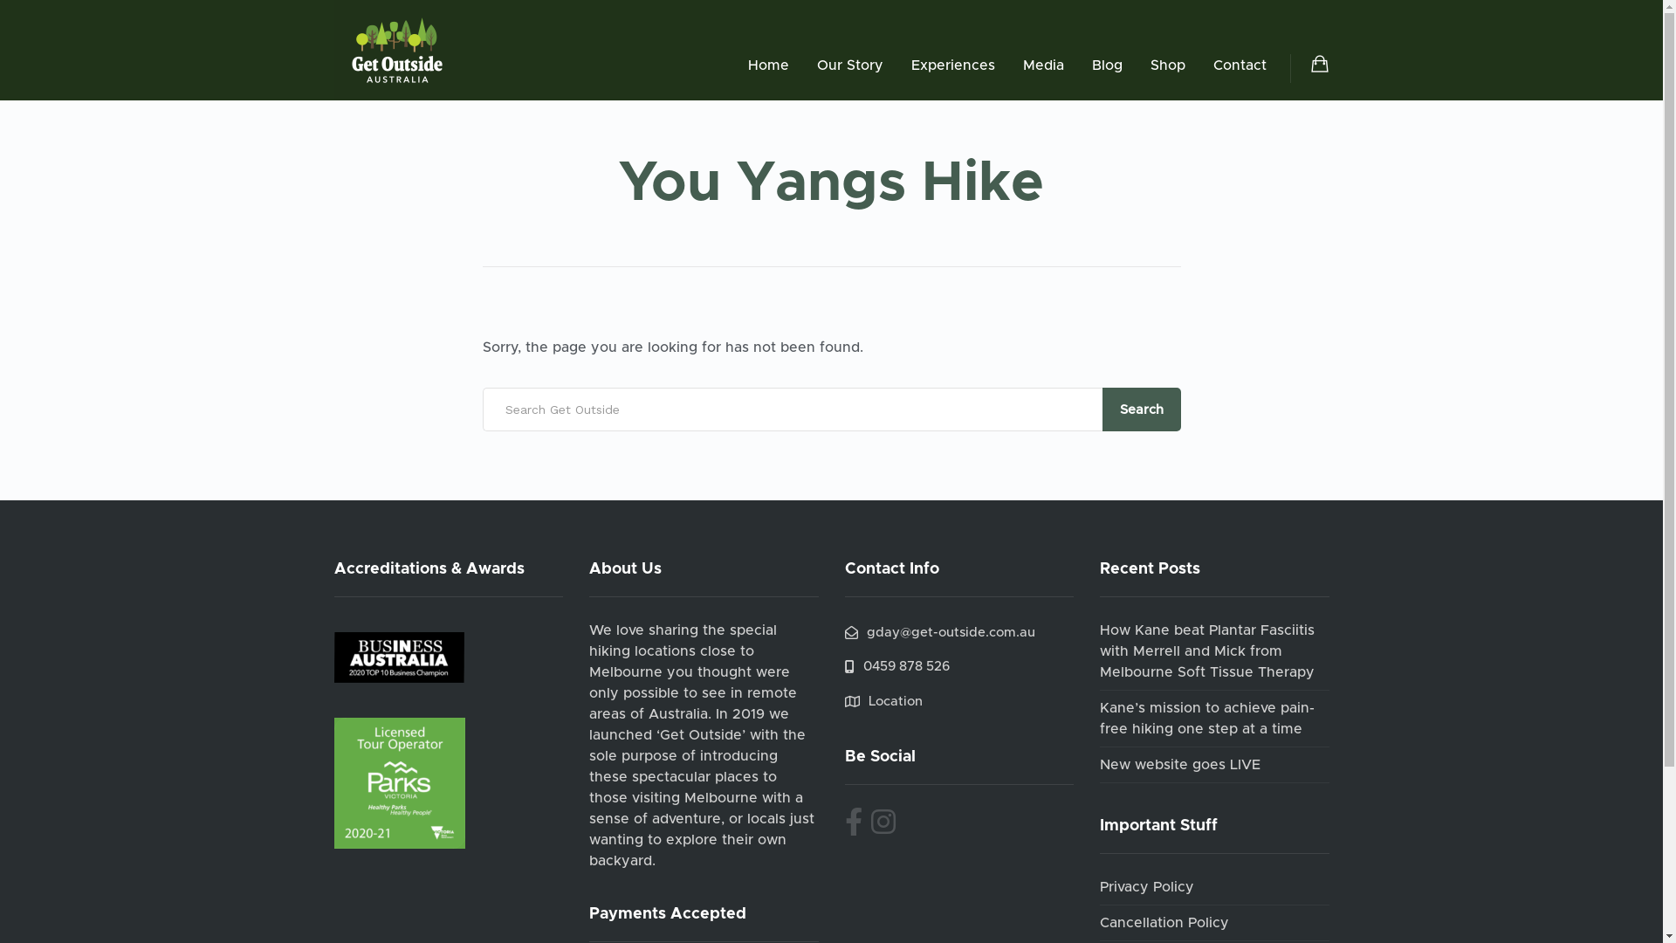 The width and height of the screenshot is (1676, 943). What do you see at coordinates (1098, 763) in the screenshot?
I see `'New website goes LIVE'` at bounding box center [1098, 763].